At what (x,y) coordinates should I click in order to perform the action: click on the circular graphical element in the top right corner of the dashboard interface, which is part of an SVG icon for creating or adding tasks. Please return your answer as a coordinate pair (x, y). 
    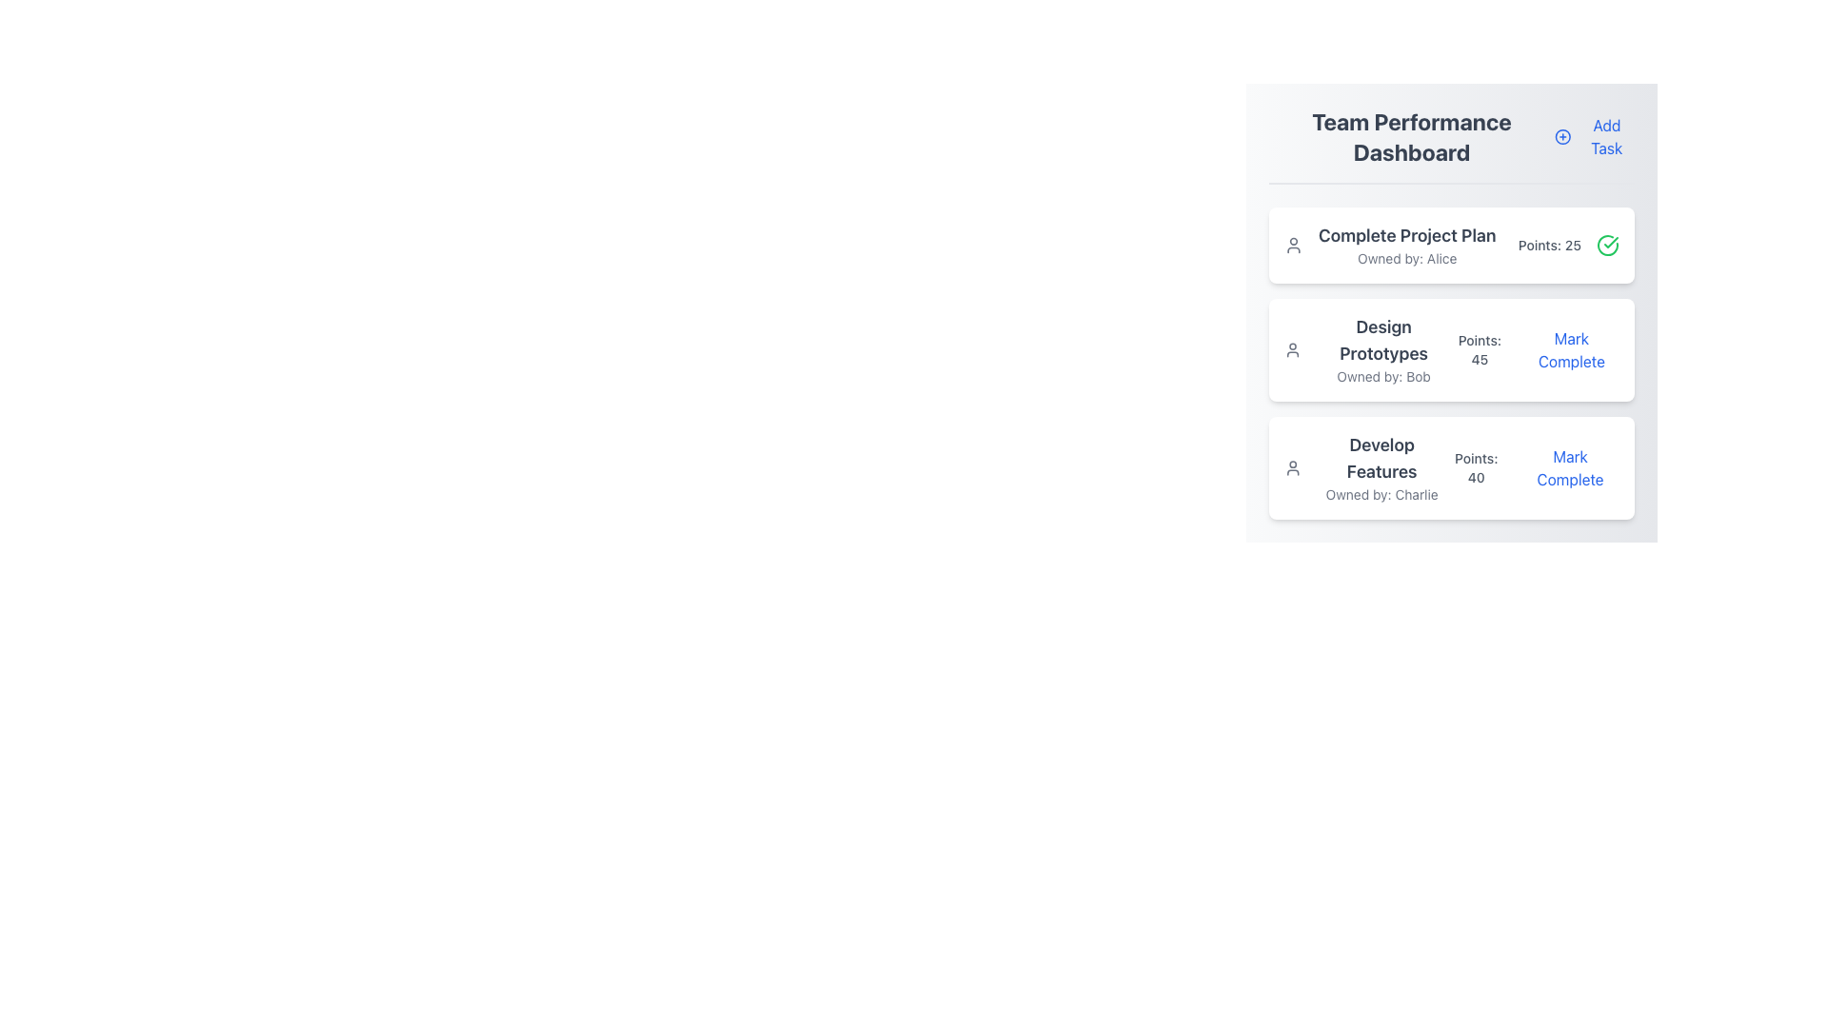
    Looking at the image, I should click on (1562, 135).